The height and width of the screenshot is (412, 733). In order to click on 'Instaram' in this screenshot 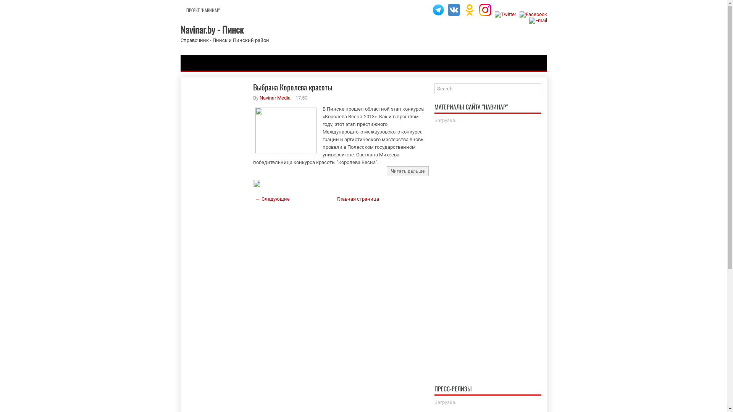, I will do `click(484, 10)`.